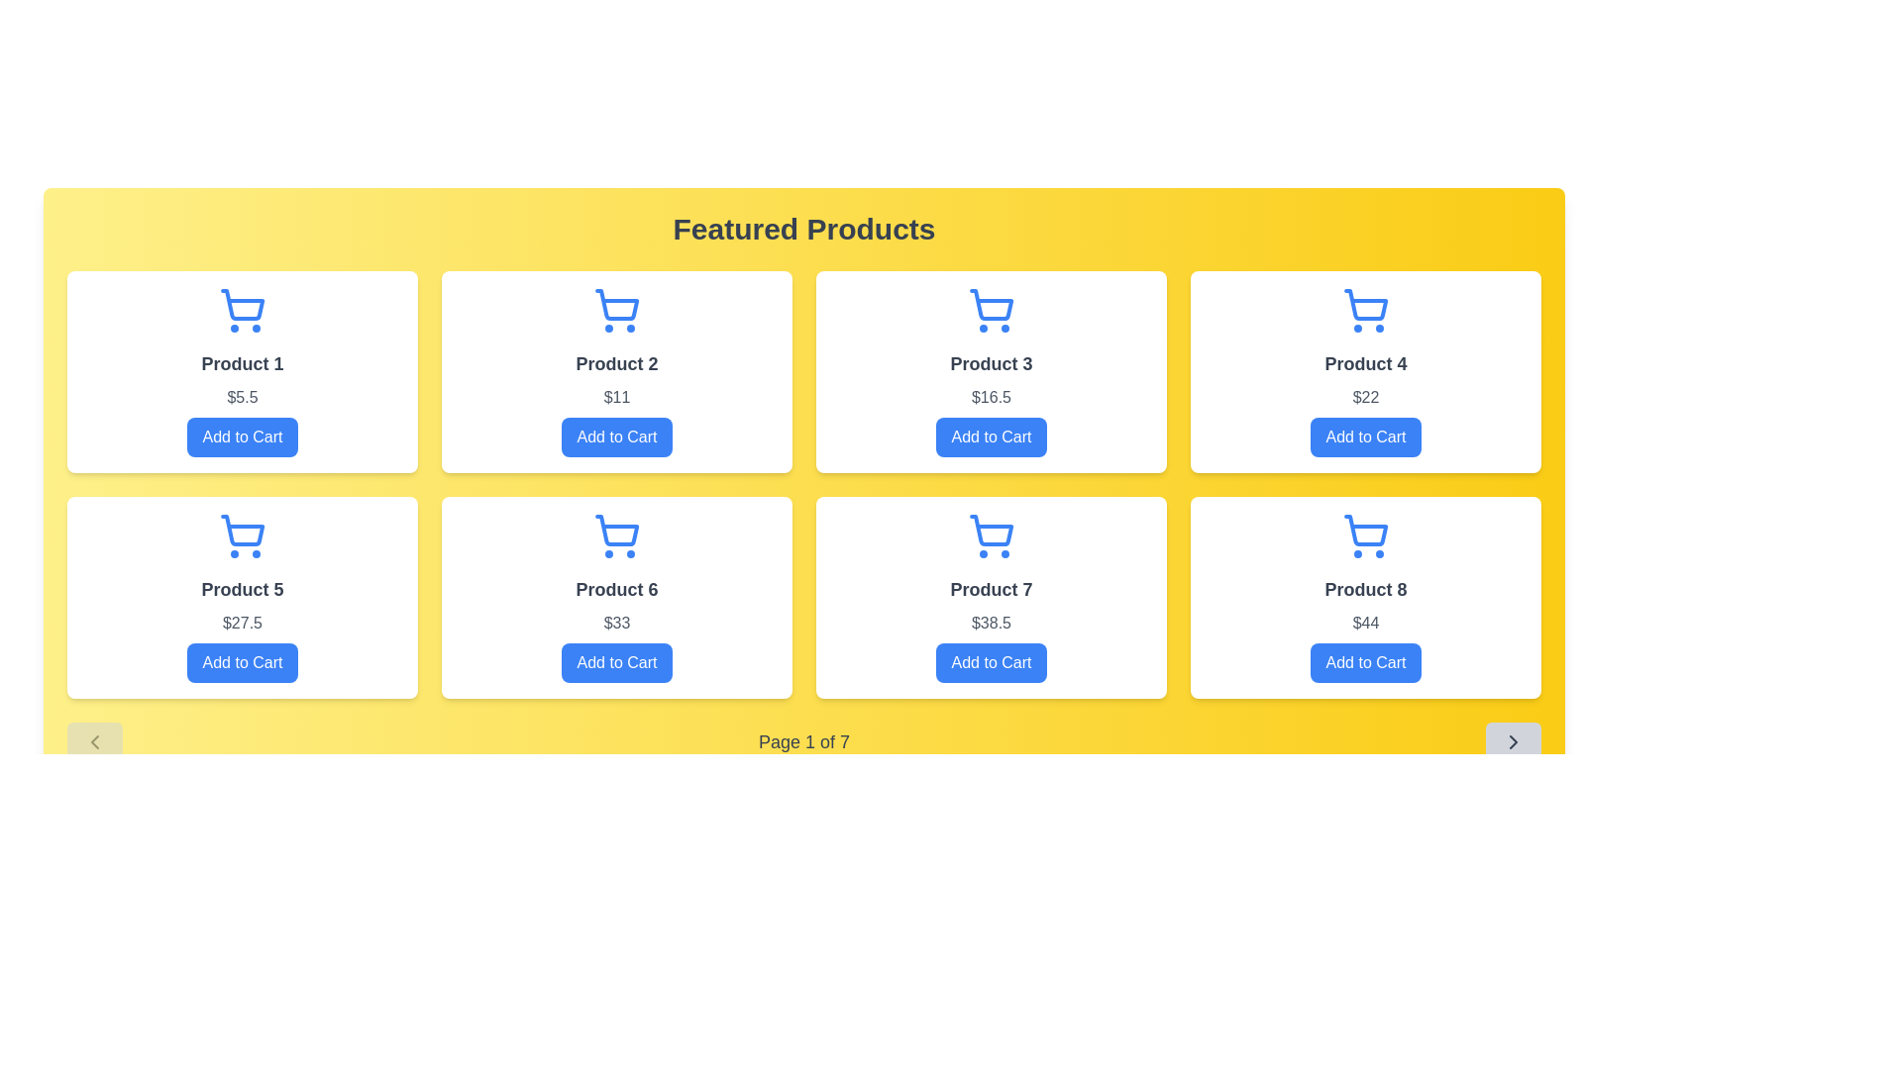 Image resolution: width=1902 pixels, height=1069 pixels. Describe the element at coordinates (992, 363) in the screenshot. I see `the 'Product 3' text label, which is bold and centered within a structured card layout, located below the shopping cart icon and above the price text and 'Add to Cart' button` at that location.